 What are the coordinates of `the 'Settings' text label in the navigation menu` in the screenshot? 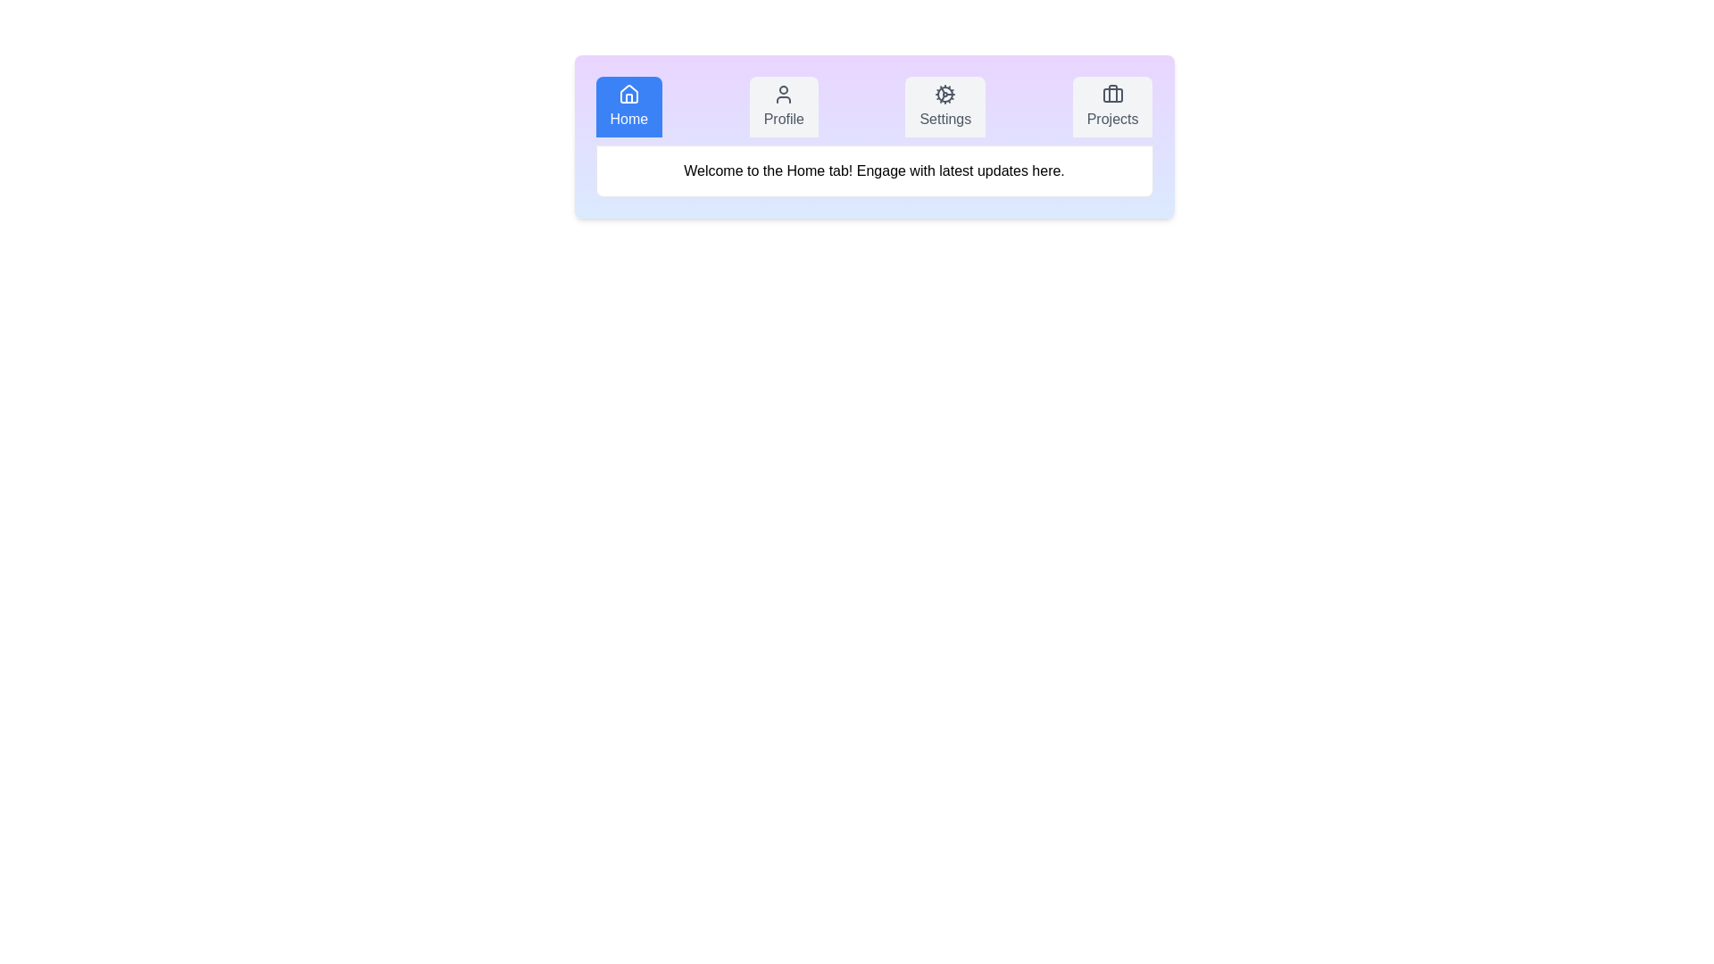 It's located at (944, 120).